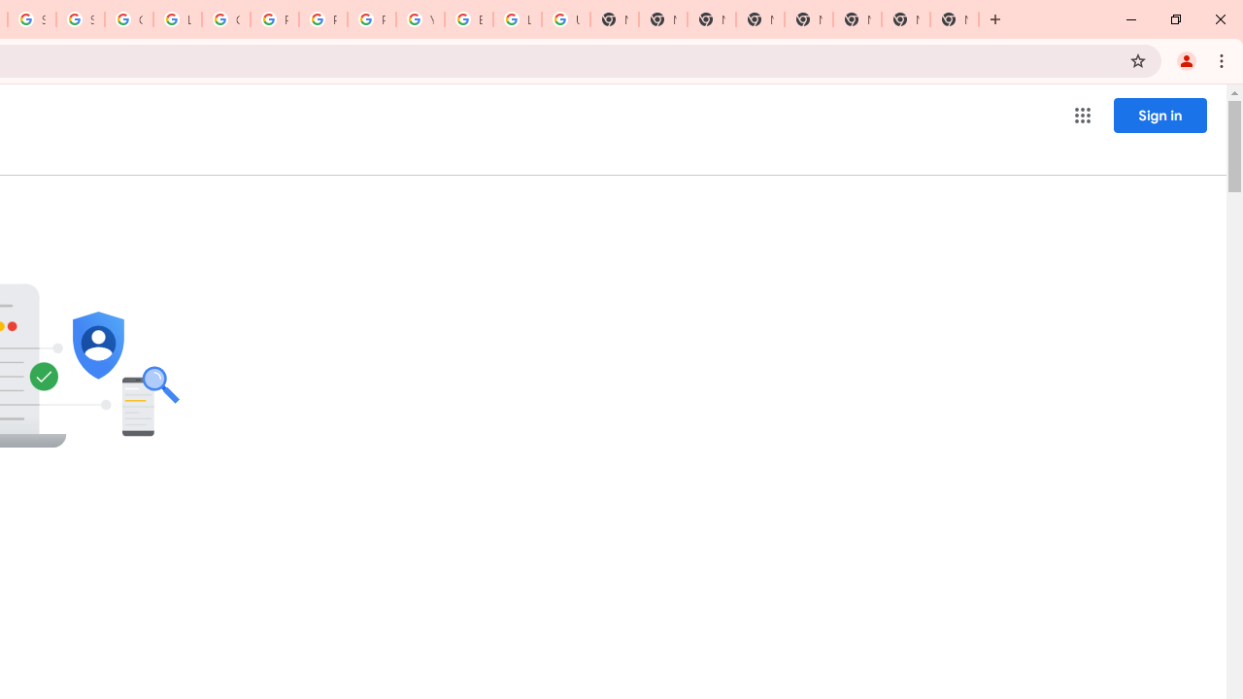 The image size is (1243, 699). What do you see at coordinates (79, 19) in the screenshot?
I see `'Sign in - Google Accounts'` at bounding box center [79, 19].